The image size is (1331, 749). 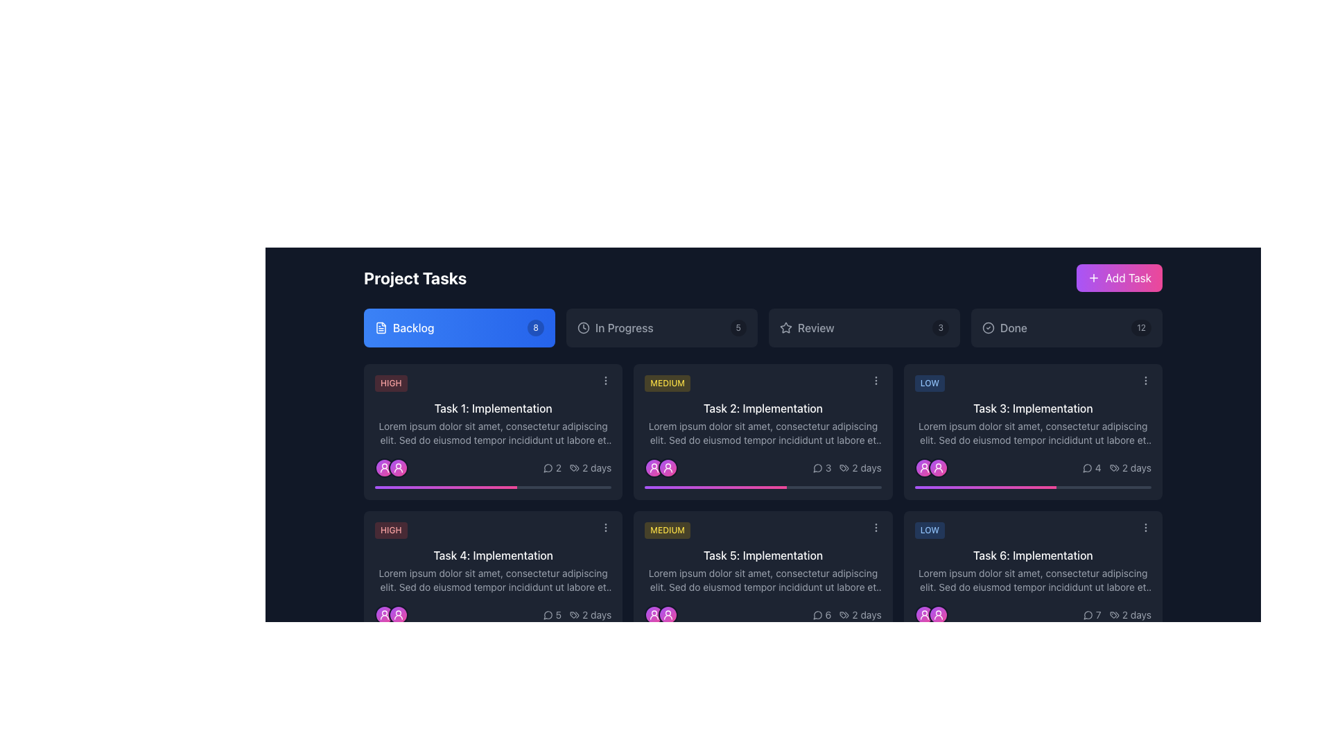 I want to click on the Text Label displaying 'Task 4: Implementation' located in the second column of the second row under the 'Backlog' section to provide a quick understanding of the task, so click(x=493, y=555).